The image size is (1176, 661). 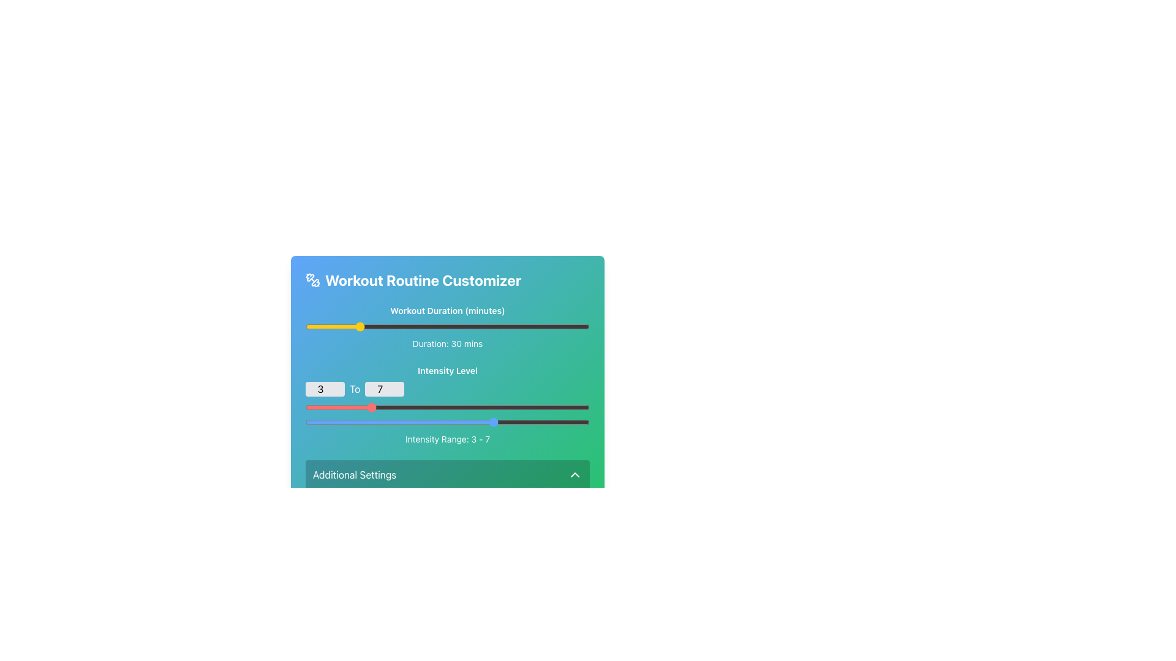 What do you see at coordinates (512, 326) in the screenshot?
I see `workout duration` at bounding box center [512, 326].